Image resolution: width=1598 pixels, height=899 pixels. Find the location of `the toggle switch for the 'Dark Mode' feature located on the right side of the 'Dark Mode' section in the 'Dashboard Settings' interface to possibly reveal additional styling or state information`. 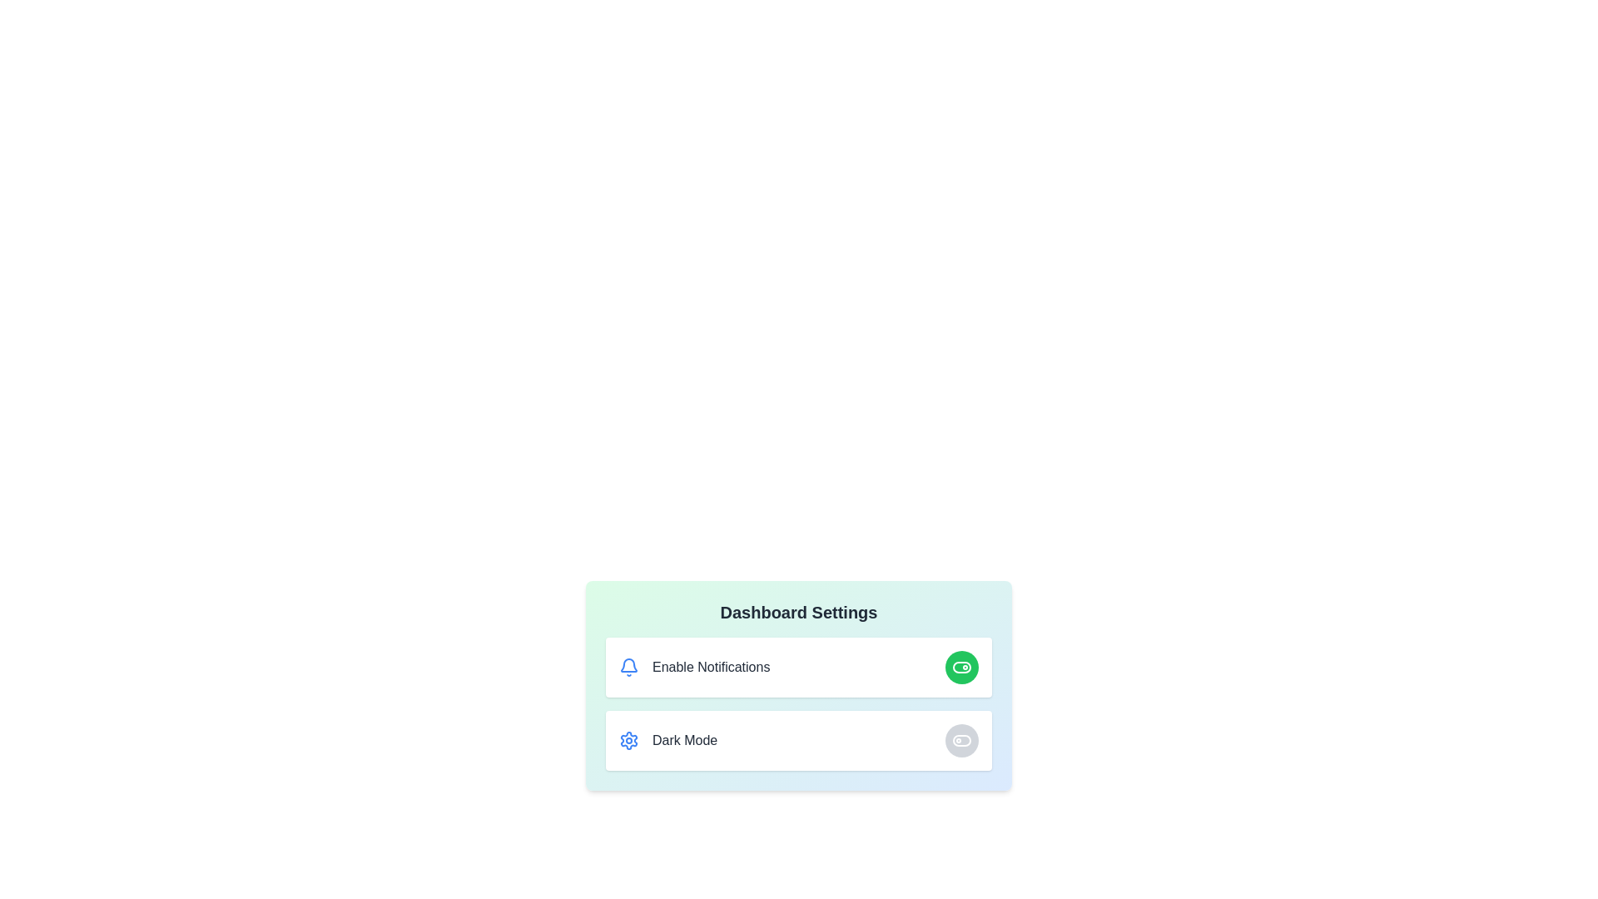

the toggle switch for the 'Dark Mode' feature located on the right side of the 'Dark Mode' section in the 'Dashboard Settings' interface to possibly reveal additional styling or state information is located at coordinates (962, 740).